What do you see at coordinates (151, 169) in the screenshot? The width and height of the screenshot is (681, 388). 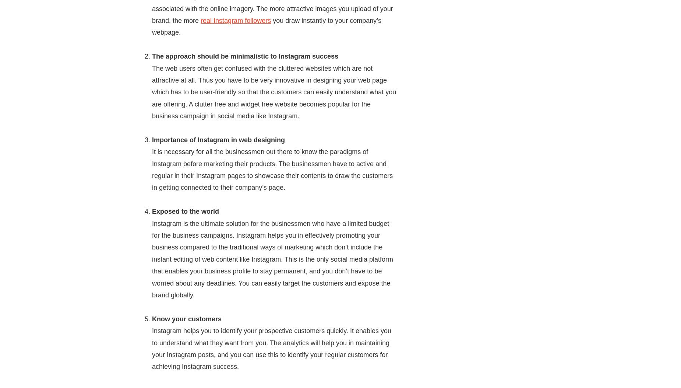 I see `'It is necessary for all the businessmen out there to know the paradigms of Instagram before marketing their products. The businessmen have to active and regular in their Instagram pages to showcase their contents to draw the customers in getting connected to their company’s page.'` at bounding box center [151, 169].